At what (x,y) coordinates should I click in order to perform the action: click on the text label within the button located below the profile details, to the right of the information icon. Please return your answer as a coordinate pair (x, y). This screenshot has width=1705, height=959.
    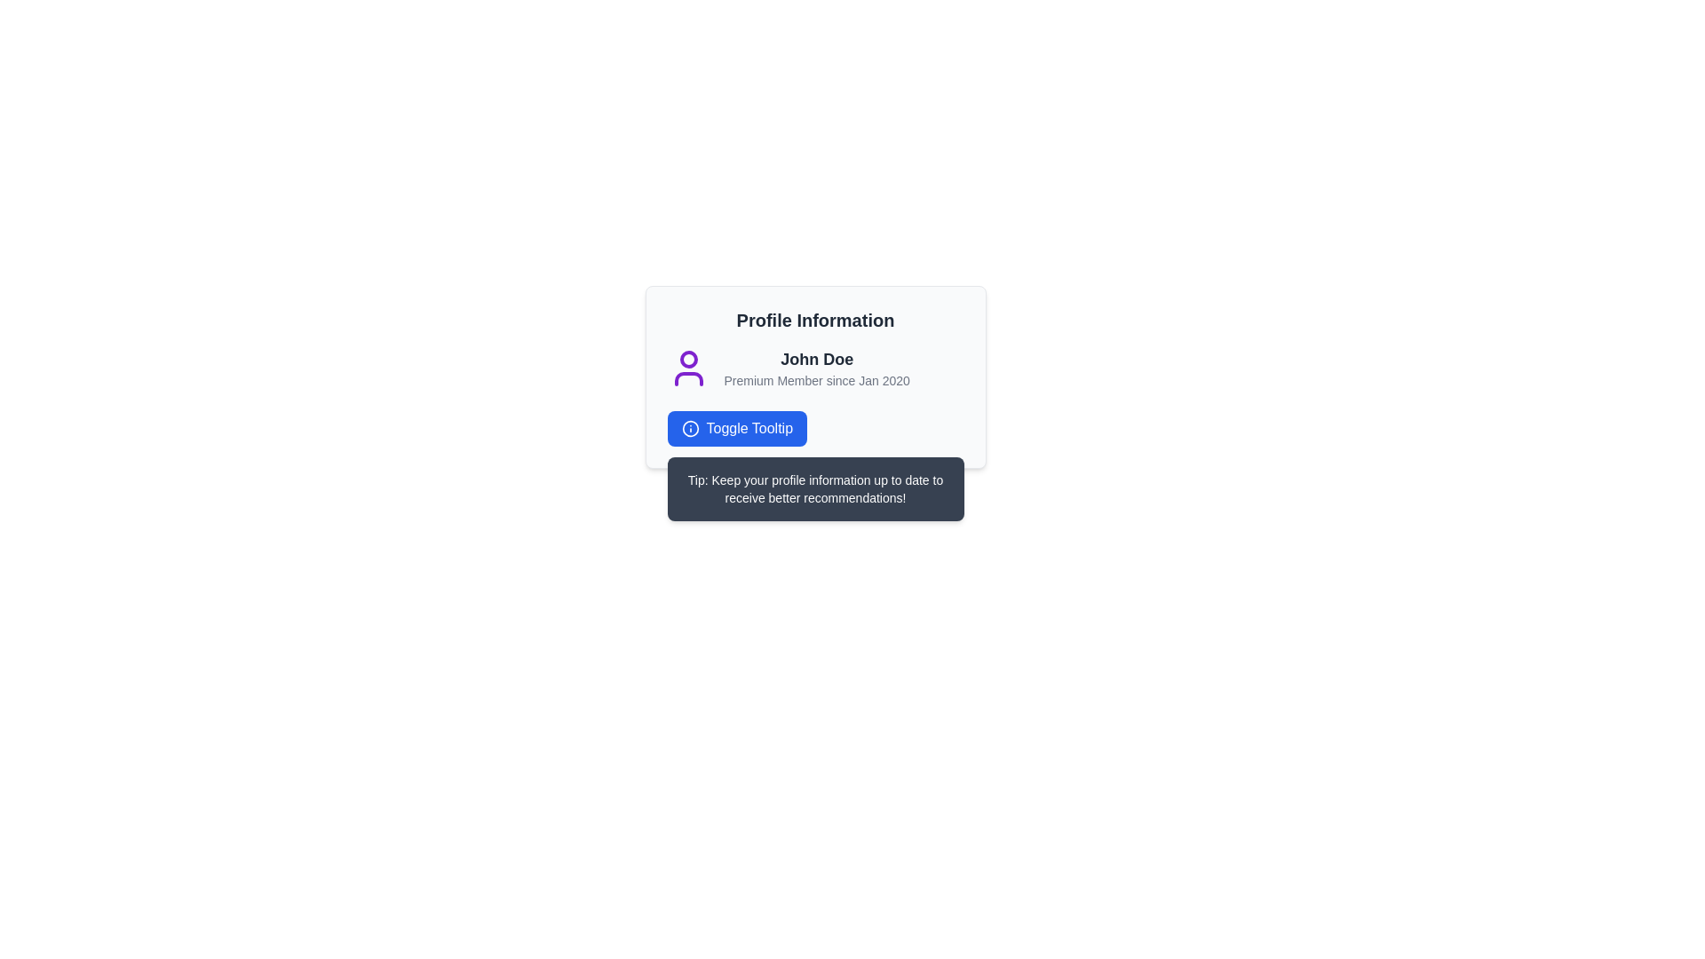
    Looking at the image, I should click on (749, 428).